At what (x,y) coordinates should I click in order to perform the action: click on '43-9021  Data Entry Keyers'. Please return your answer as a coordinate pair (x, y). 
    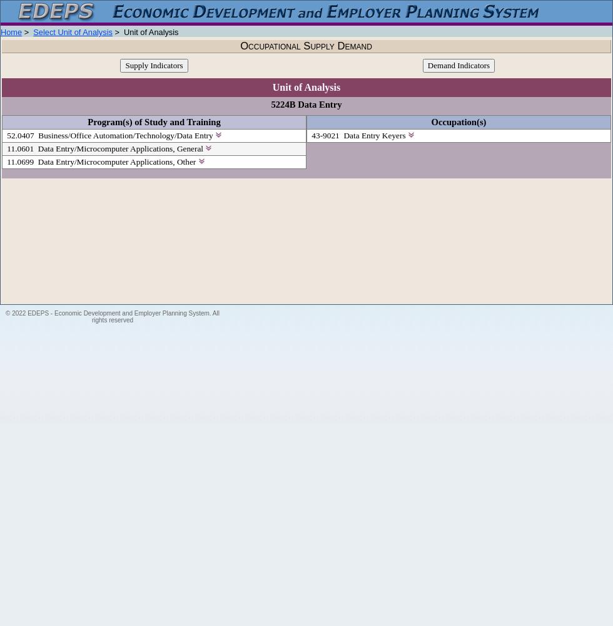
    Looking at the image, I should click on (309, 135).